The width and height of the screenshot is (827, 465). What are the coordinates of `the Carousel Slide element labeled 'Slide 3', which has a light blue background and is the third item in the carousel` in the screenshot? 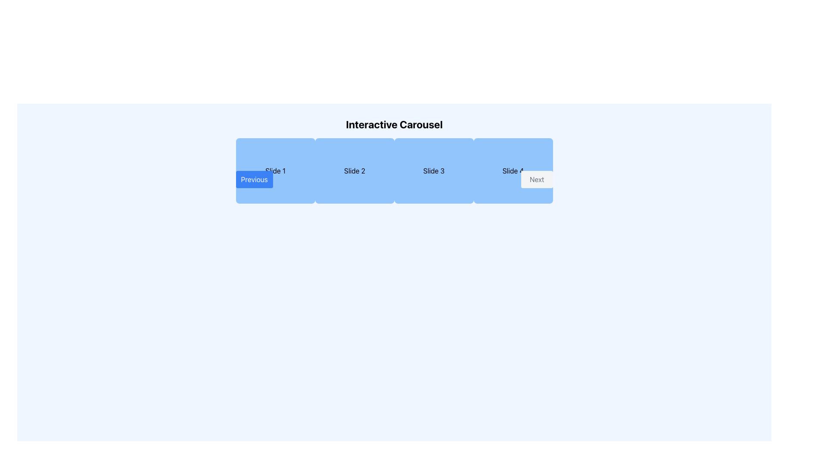 It's located at (434, 171).